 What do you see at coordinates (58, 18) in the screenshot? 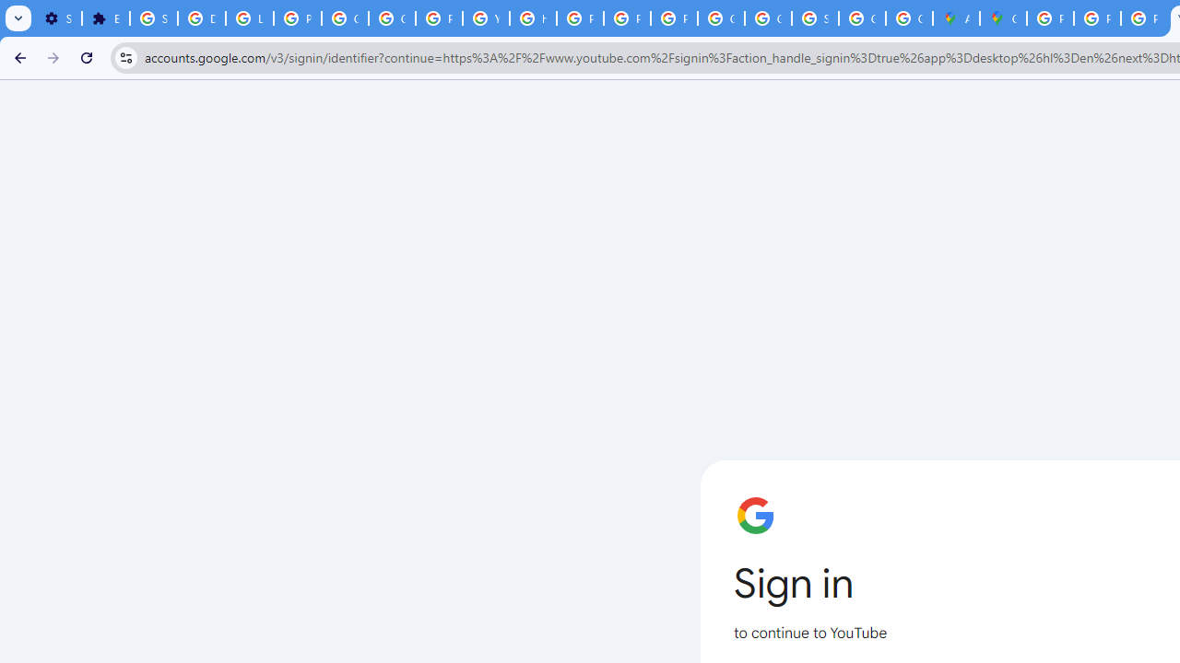
I see `'Settings - On startup'` at bounding box center [58, 18].